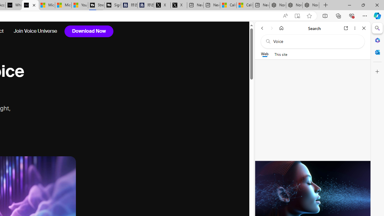  What do you see at coordinates (32, 31) in the screenshot?
I see `'Join Voice Universe'` at bounding box center [32, 31].